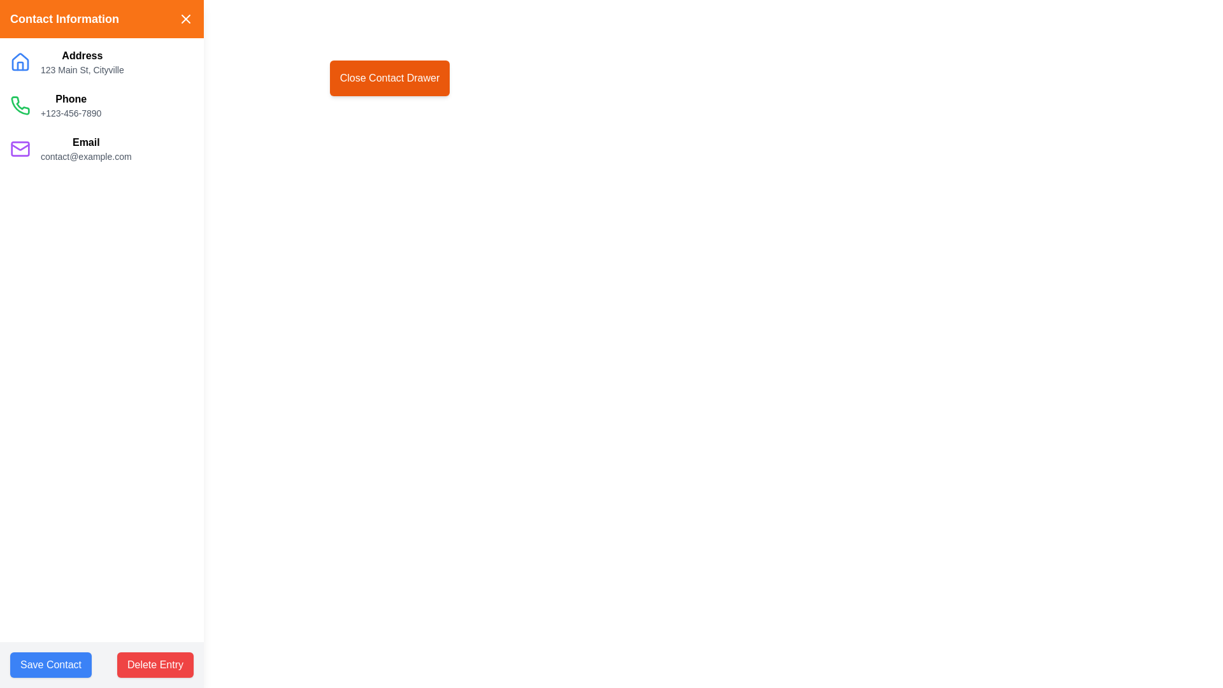 The height and width of the screenshot is (688, 1223). I want to click on the bold text label indicating 'Email', which precedes the contact email address and is accompanied by a purple email icon, so click(85, 142).